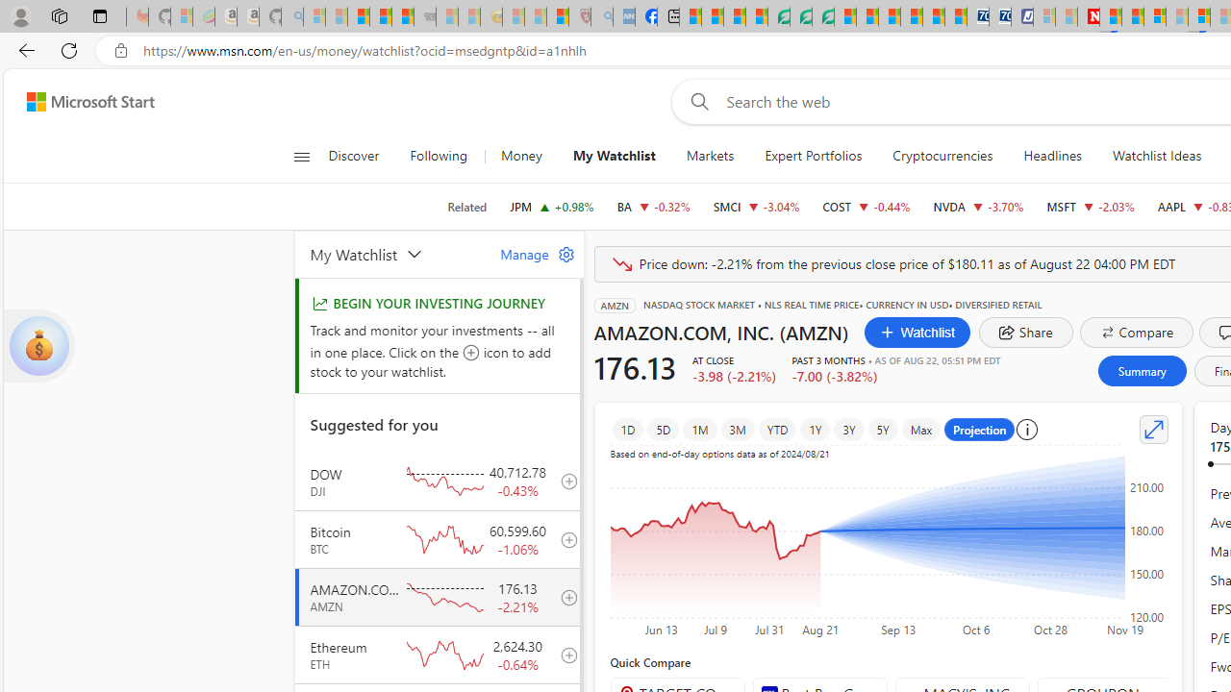 Image resolution: width=1231 pixels, height=692 pixels. I want to click on 'Class: recharts-surface', so click(888, 546).